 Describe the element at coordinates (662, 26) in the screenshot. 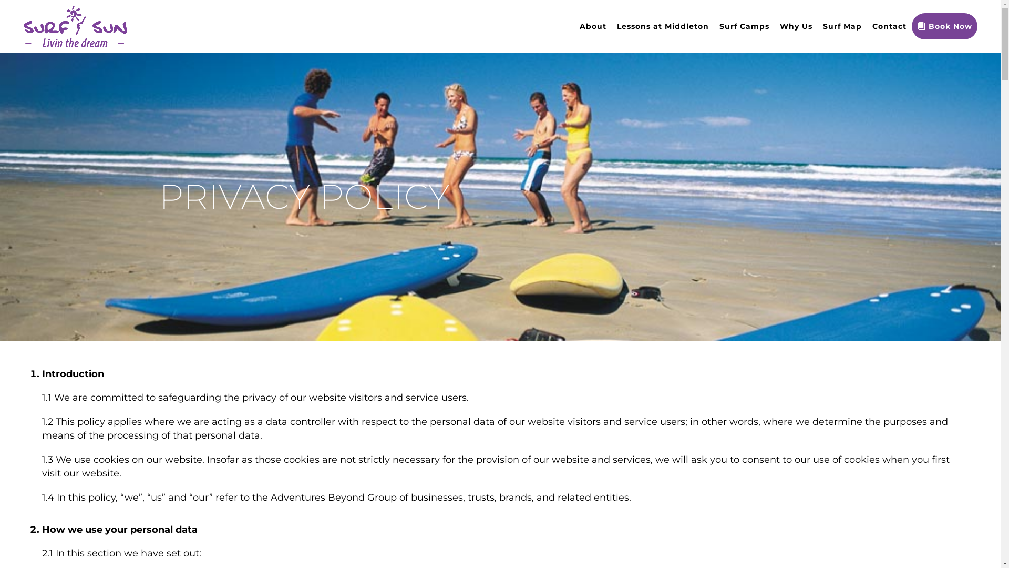

I see `'Lessons at Middleton'` at that location.